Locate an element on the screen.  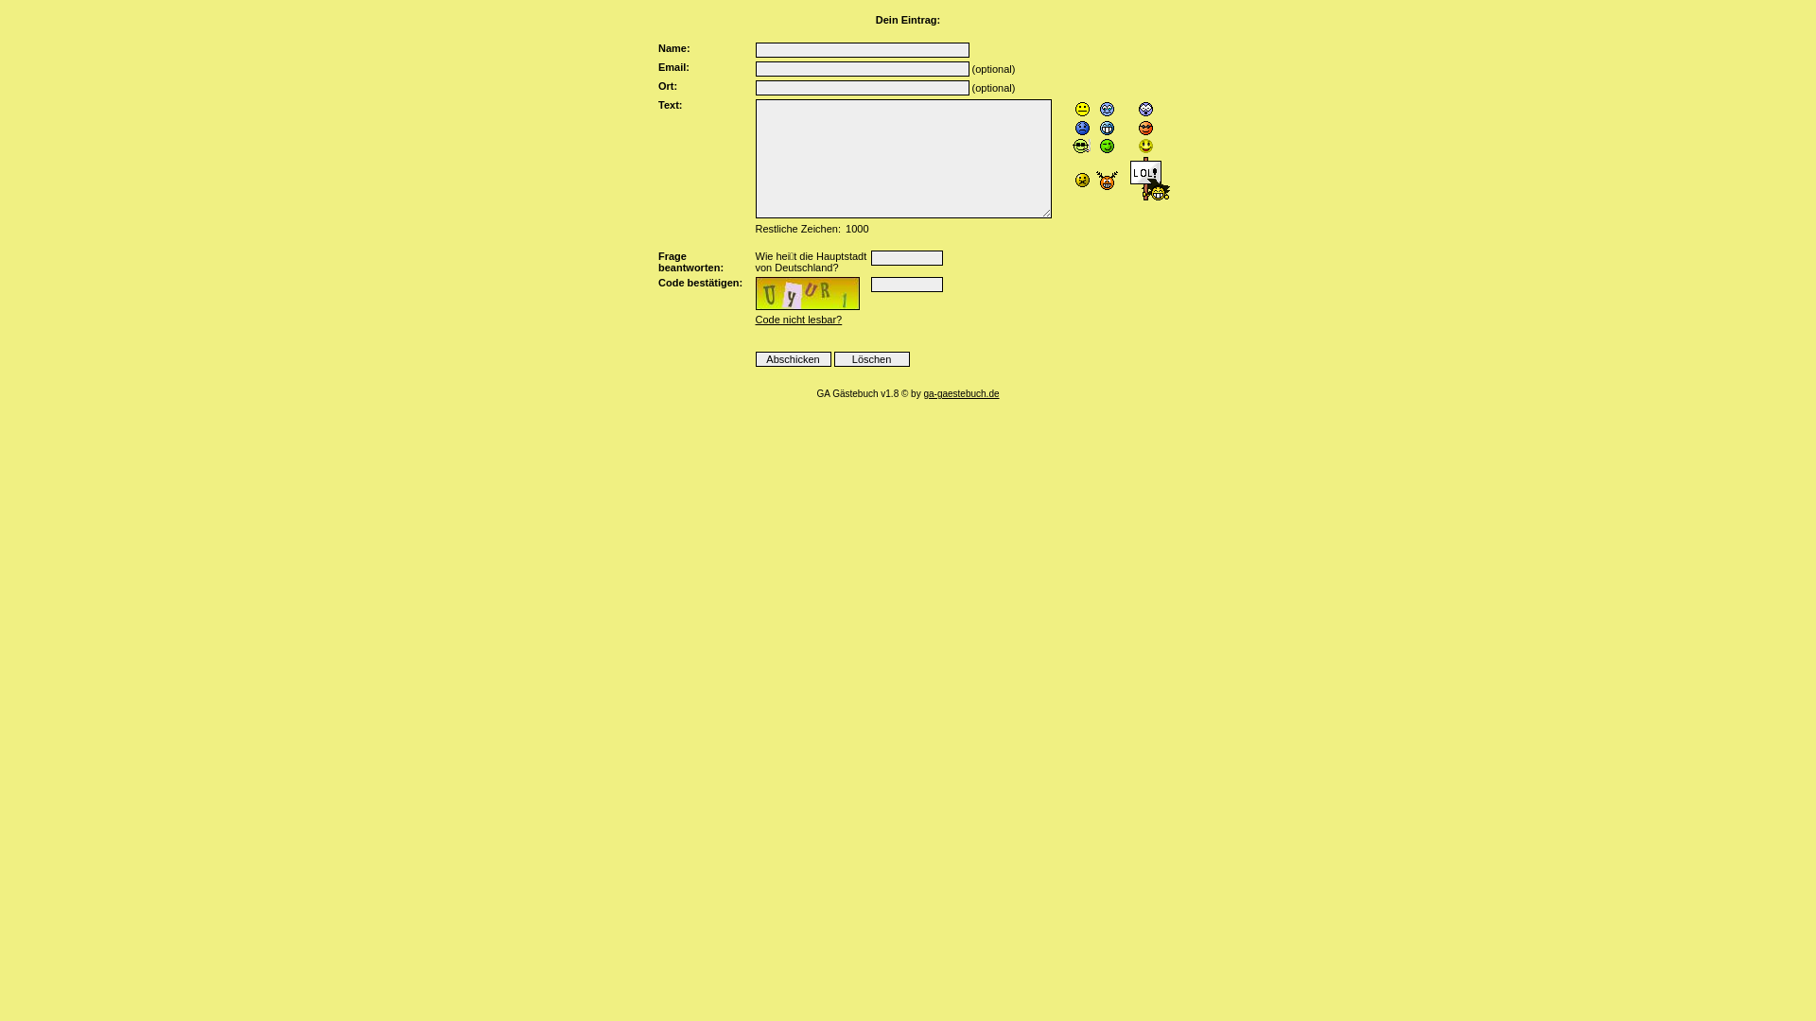
'Abschicken' is located at coordinates (793, 359).